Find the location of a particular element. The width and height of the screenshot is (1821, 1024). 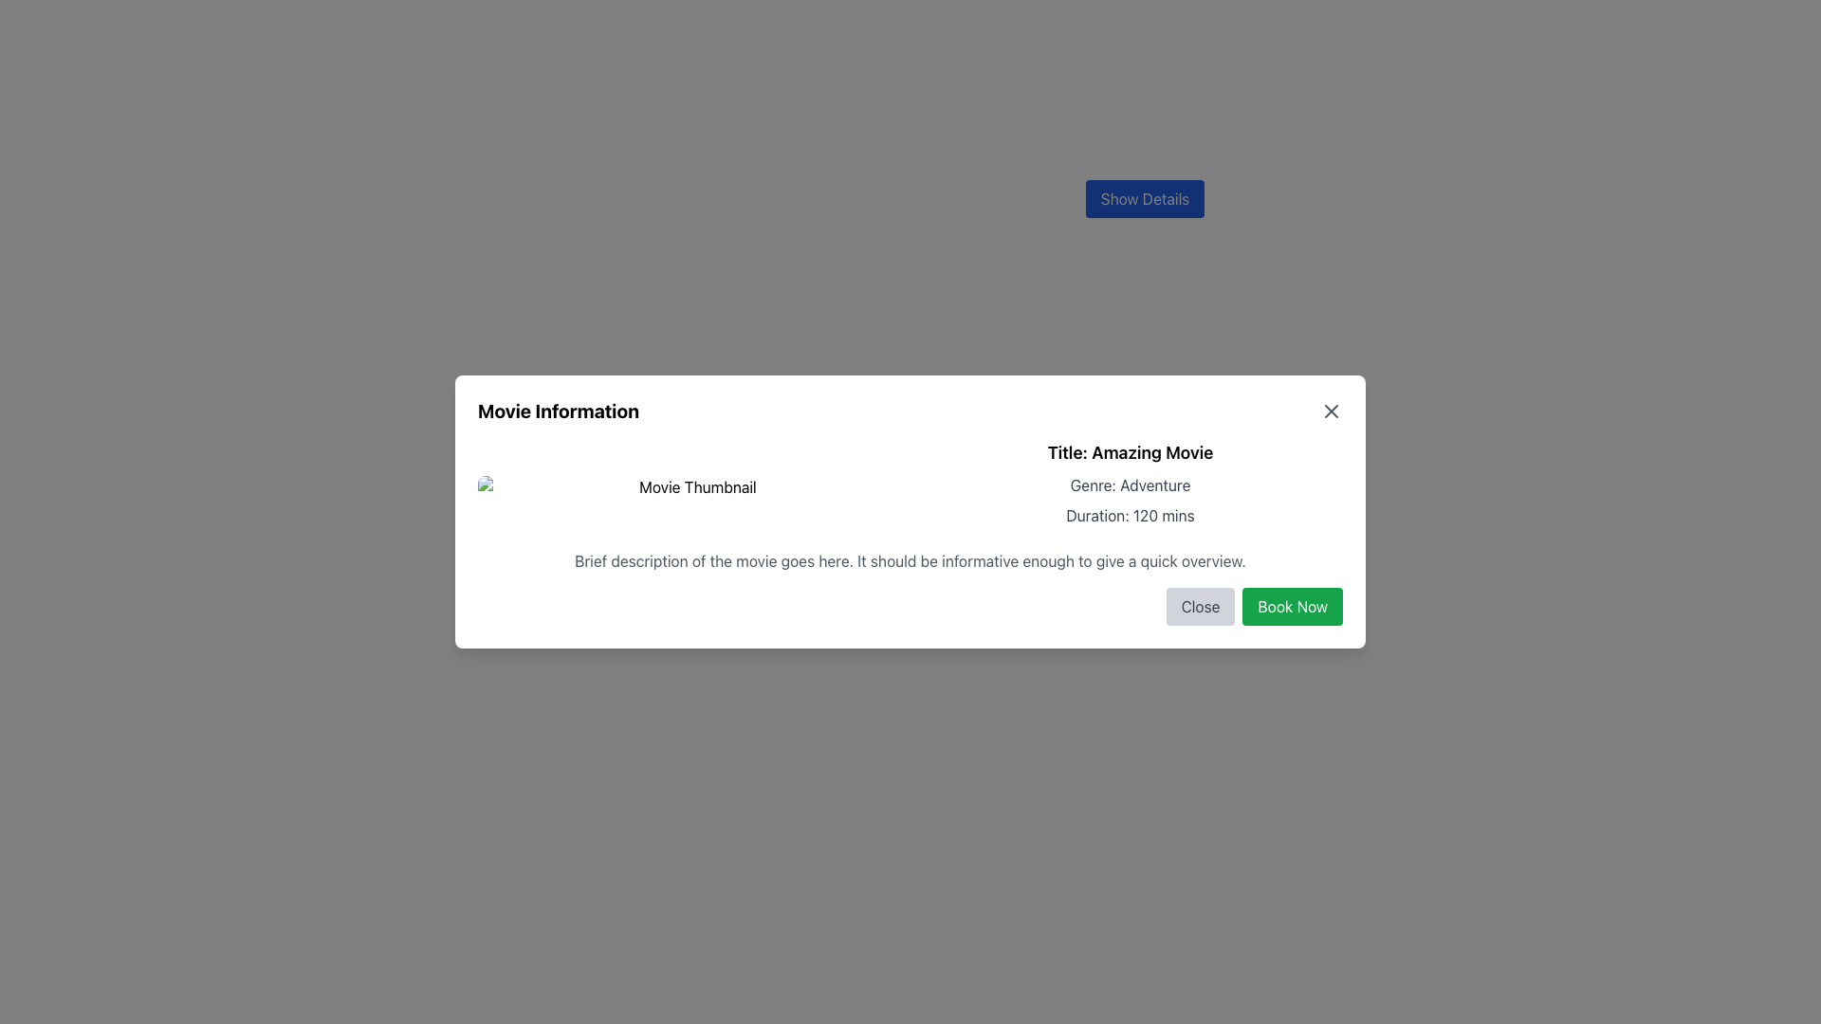

the bold text heading element displaying 'Movie Information' located at the upper-left corner of the movie details panel is located at coordinates (558, 411).